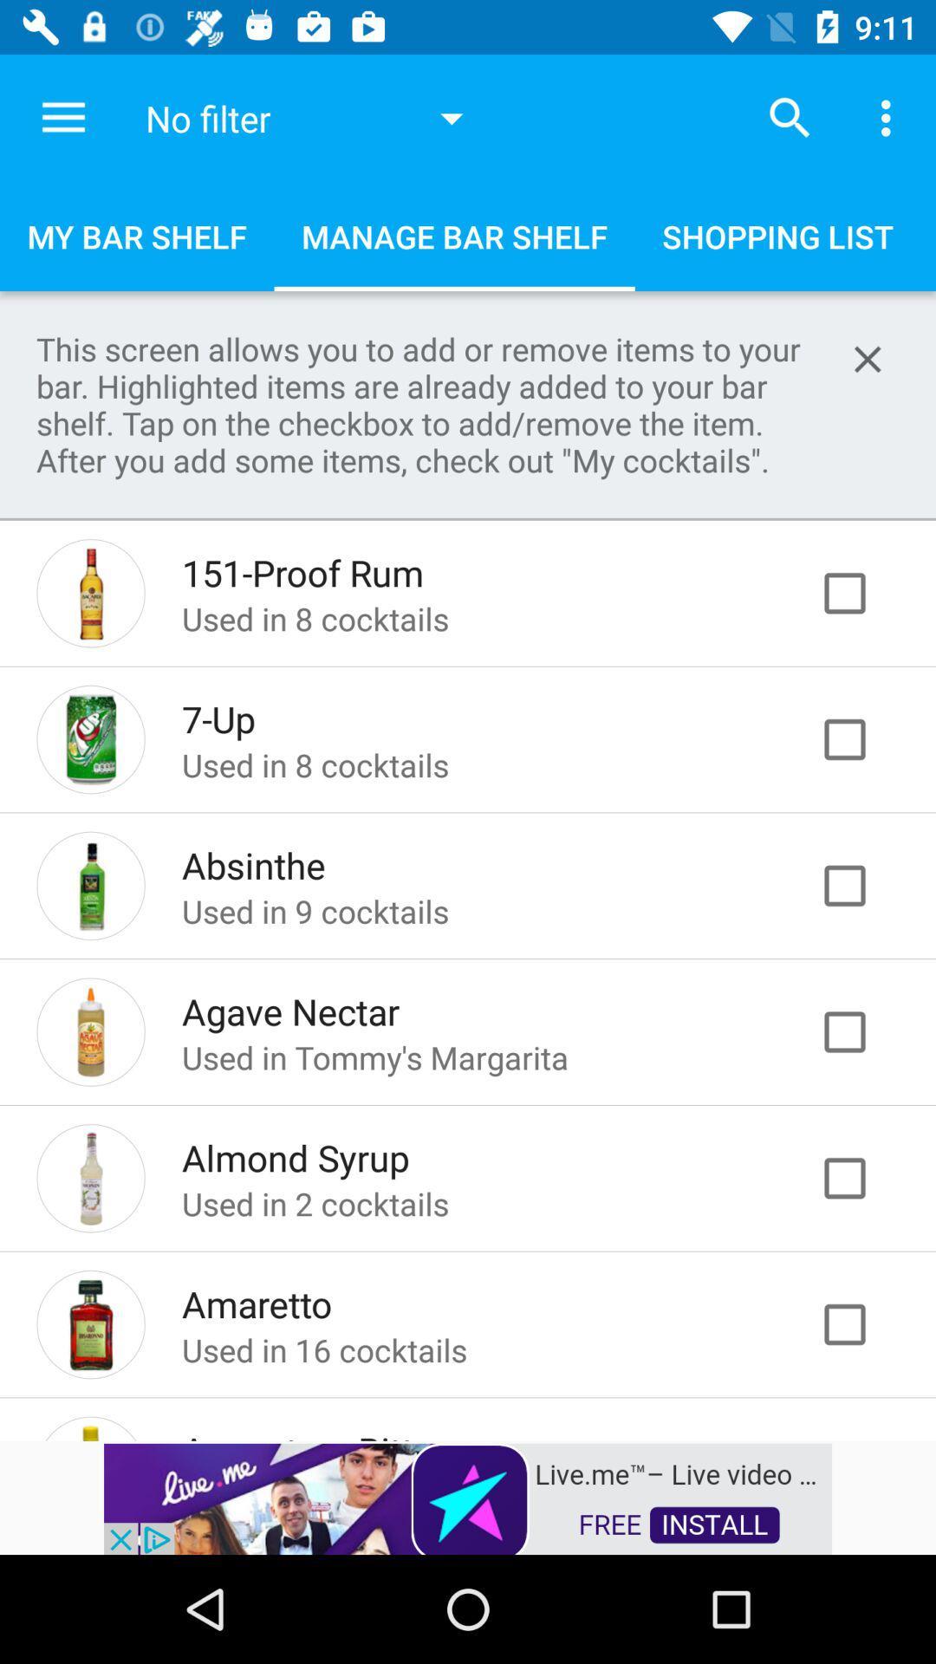 This screenshot has width=936, height=1664. What do you see at coordinates (468, 1497) in the screenshot?
I see `watch advertisement` at bounding box center [468, 1497].